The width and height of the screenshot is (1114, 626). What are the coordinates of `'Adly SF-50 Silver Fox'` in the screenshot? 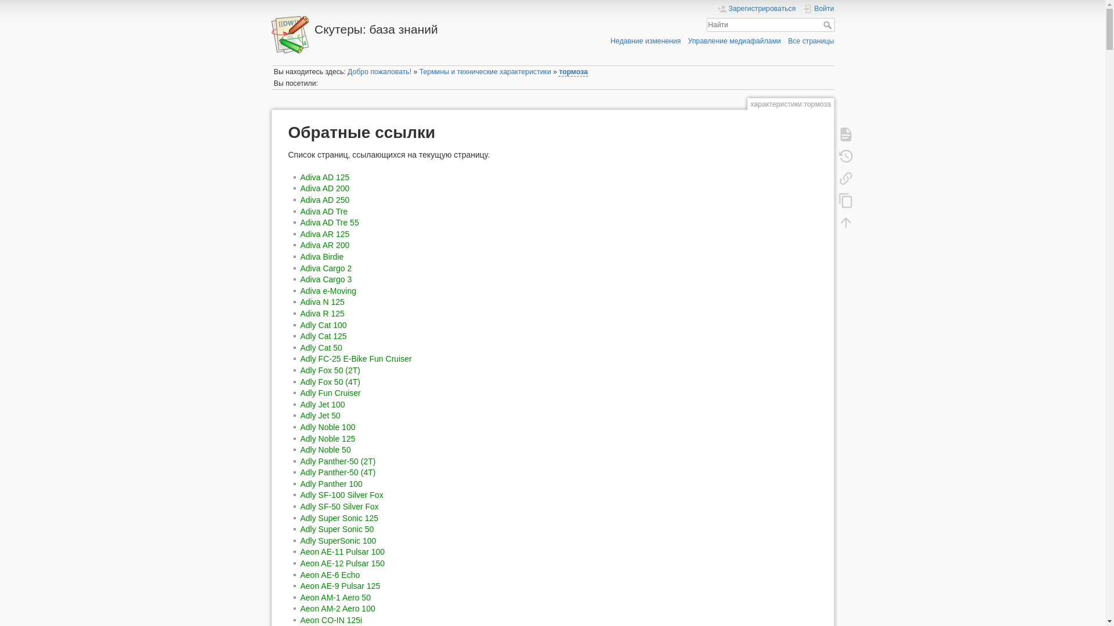 It's located at (339, 506).